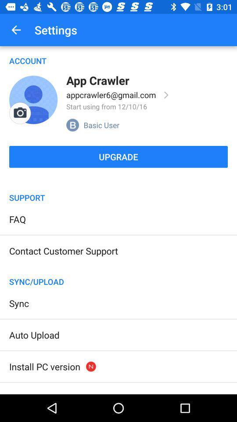 This screenshot has height=422, width=237. Describe the element at coordinates (20, 113) in the screenshot. I see `the icon below the account icon` at that location.